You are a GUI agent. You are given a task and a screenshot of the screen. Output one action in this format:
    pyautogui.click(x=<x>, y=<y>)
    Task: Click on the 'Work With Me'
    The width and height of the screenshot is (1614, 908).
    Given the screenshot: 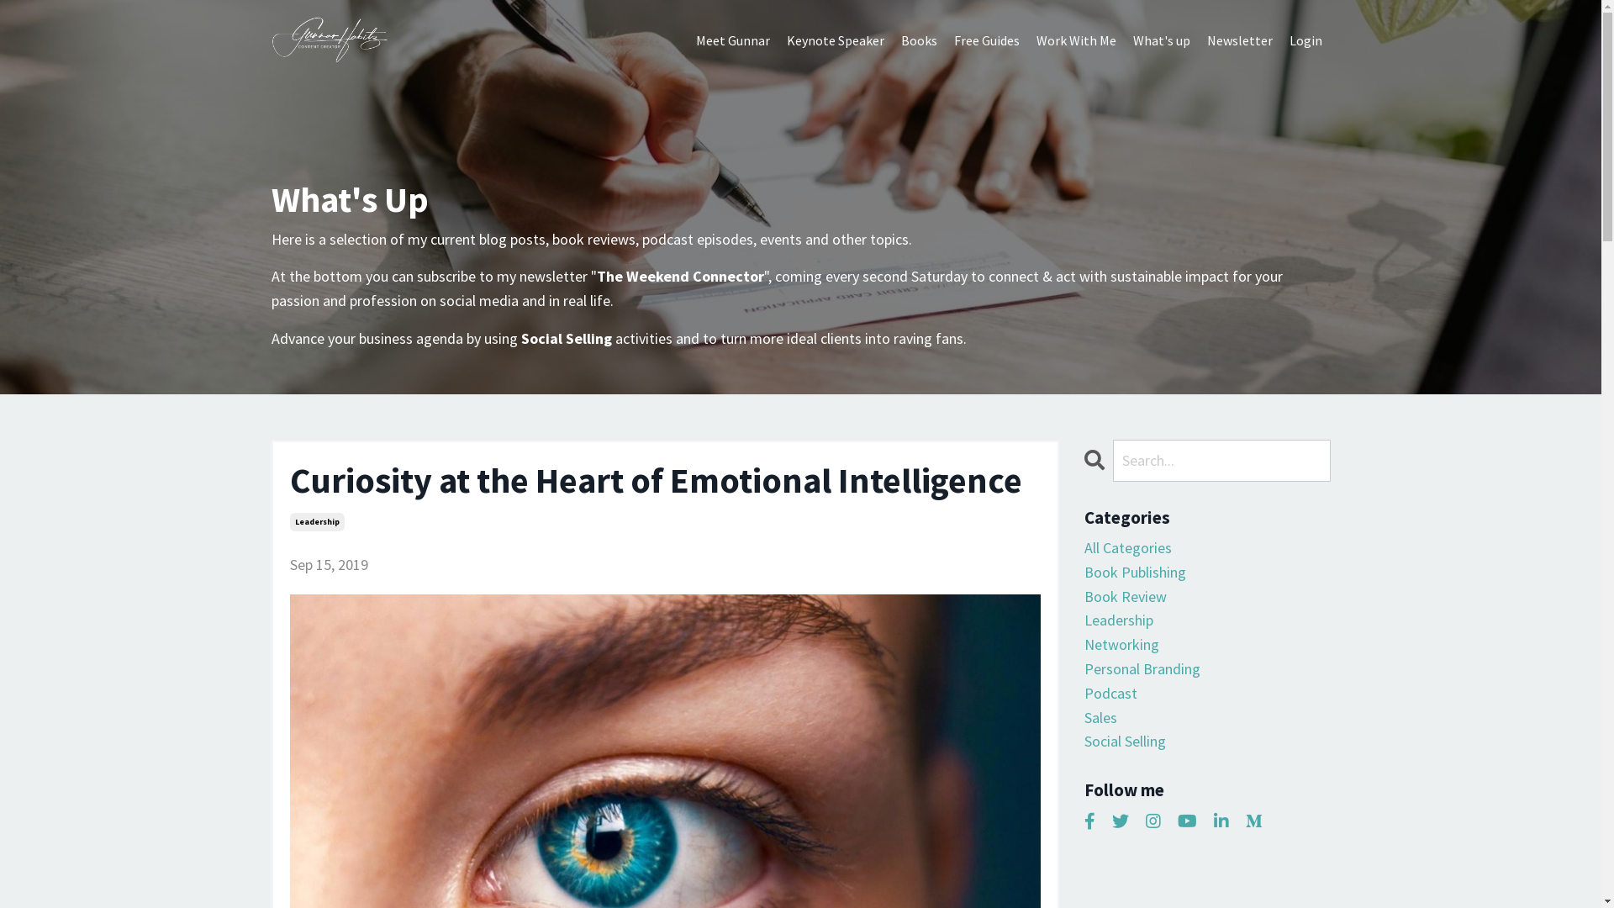 What is the action you would take?
    pyautogui.click(x=1074, y=40)
    